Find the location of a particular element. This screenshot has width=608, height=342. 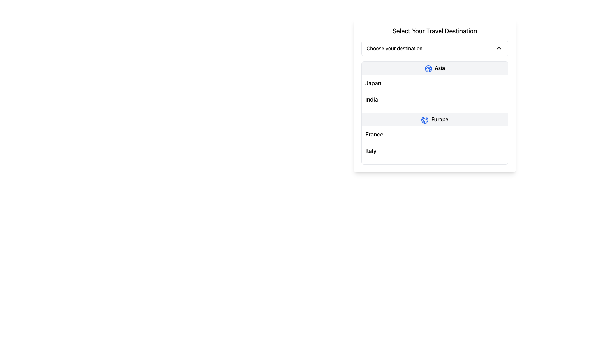

the icon representing the travel destination 'Europe' in the dropdown menu, located to the far left of its text label is located at coordinates (425, 120).